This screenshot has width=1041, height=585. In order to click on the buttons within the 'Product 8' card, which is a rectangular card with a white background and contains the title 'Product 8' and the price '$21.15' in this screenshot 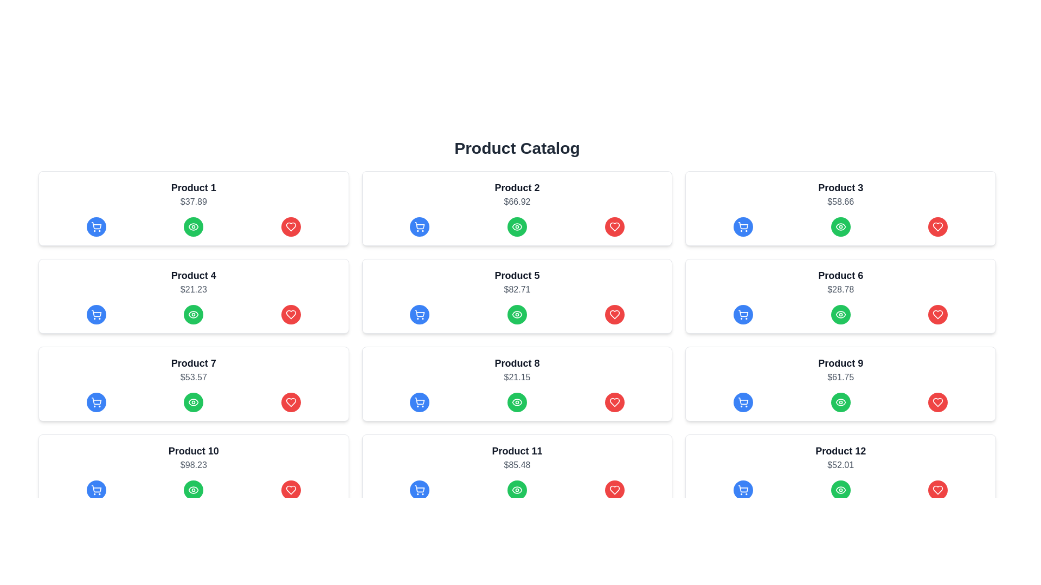, I will do `click(517, 383)`.